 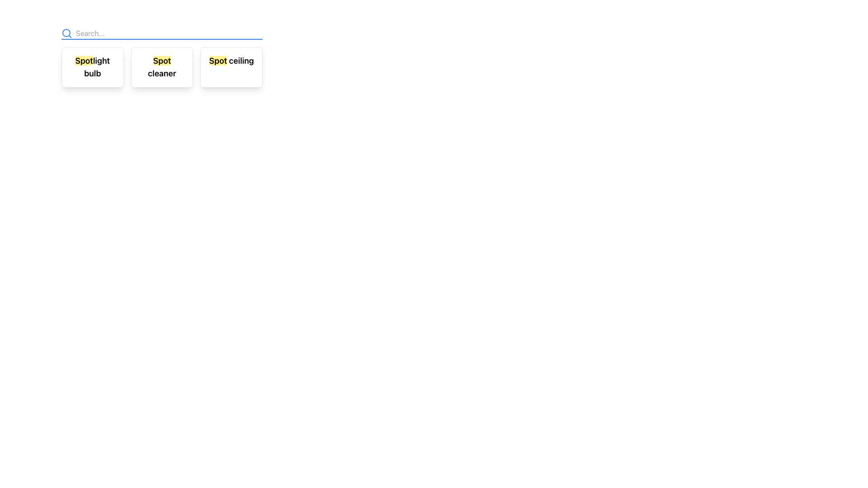 I want to click on the highlighted text label 'Spotlight' which emphasizes its importance in the phrase 'Spotlight bulb', so click(x=84, y=61).